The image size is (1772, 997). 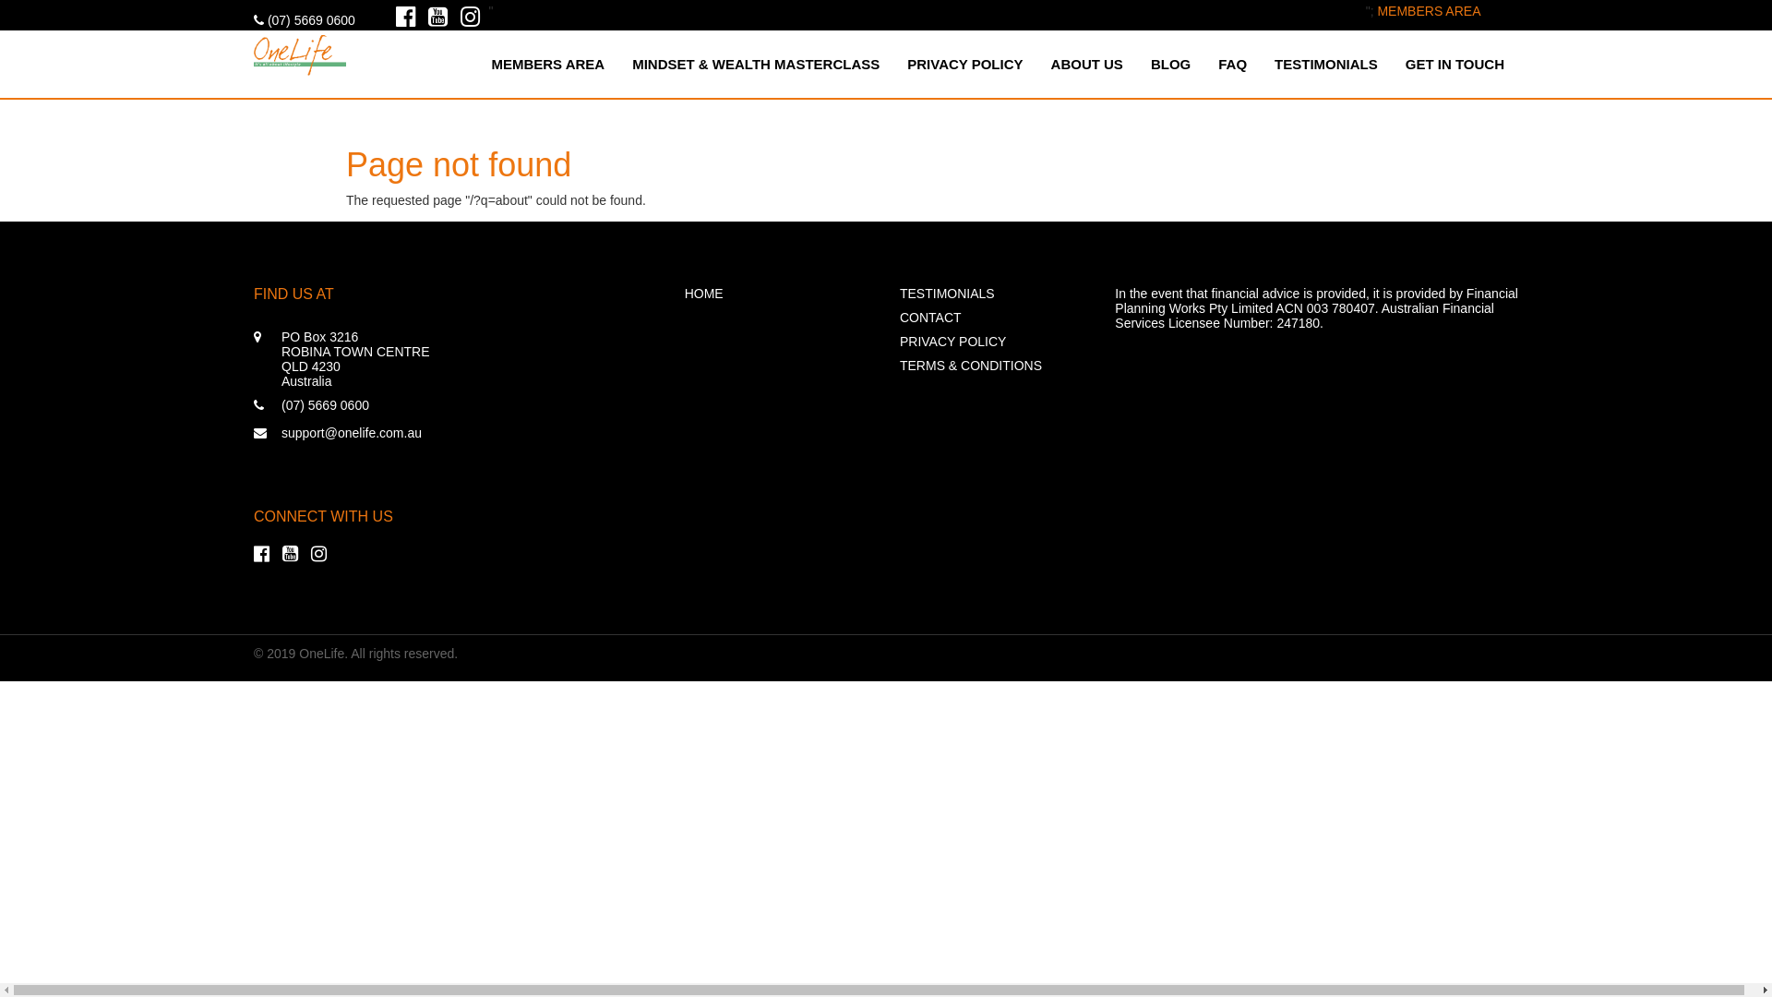 What do you see at coordinates (300, 51) in the screenshot?
I see `'Home'` at bounding box center [300, 51].